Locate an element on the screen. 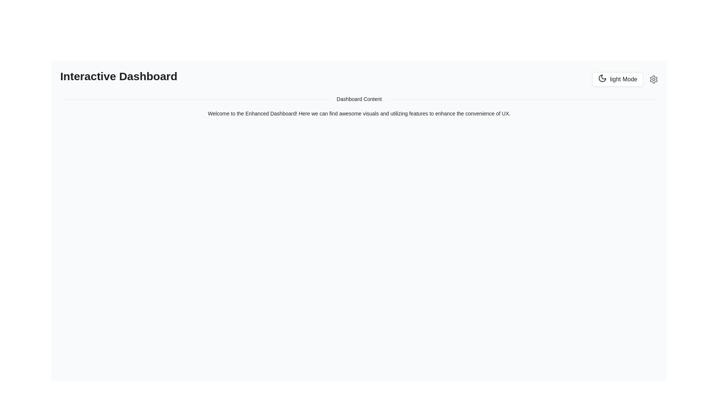 The width and height of the screenshot is (714, 401). the Toggle button labeled 'light Mode' with an adjacent moon icon located in the top-right corner of the interface is located at coordinates (625, 79).